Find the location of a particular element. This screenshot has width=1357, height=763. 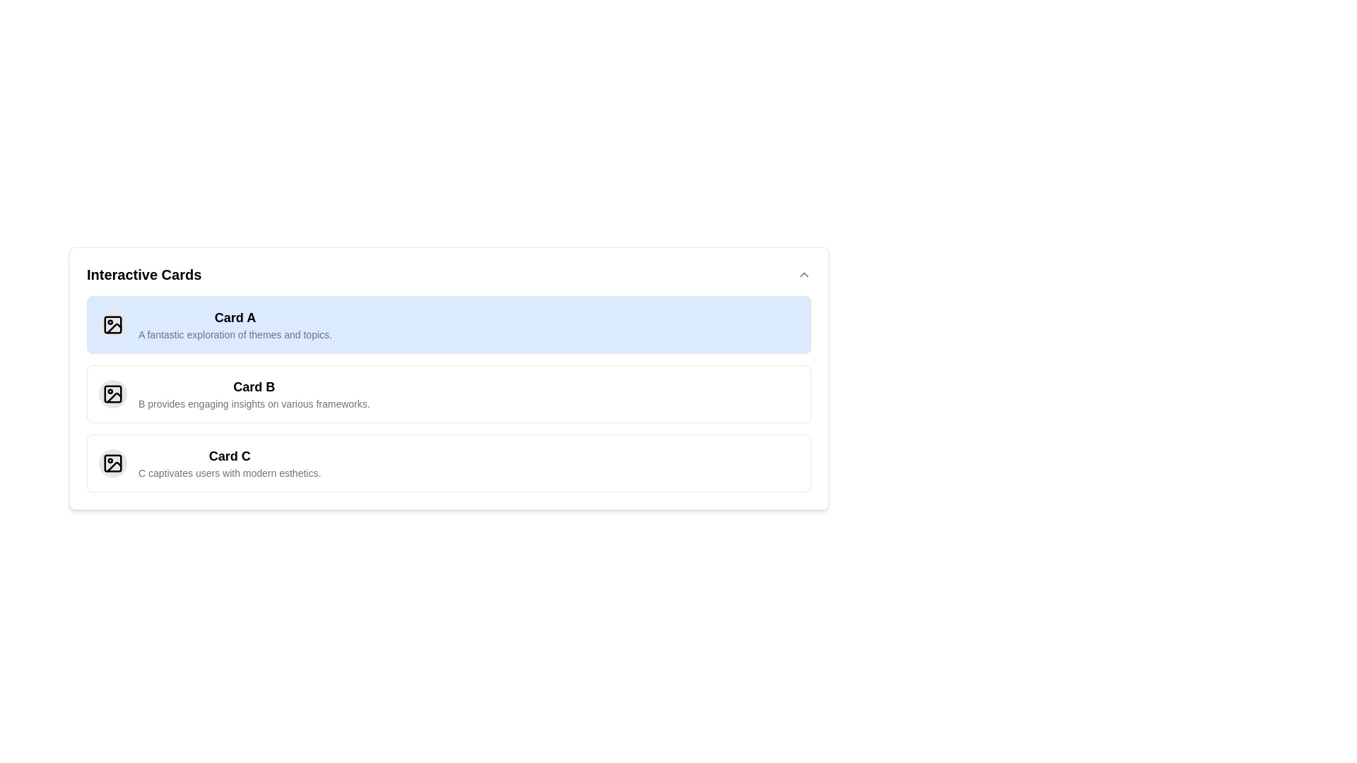

the subtitle text within the first card titled 'Card A', which provides additional context about the card's content is located at coordinates (235, 335).